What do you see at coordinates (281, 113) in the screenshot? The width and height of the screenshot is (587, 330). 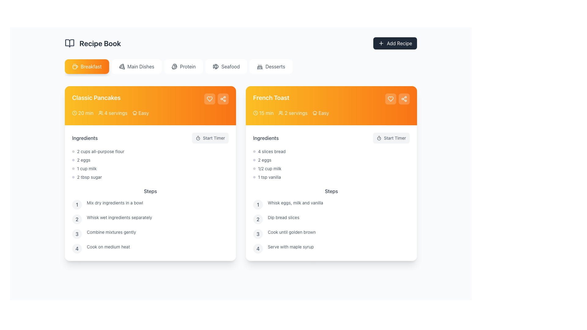 I see `the servings icon located in the header section of the 'French Toast' recipe card, positioned left of the text '2 servings'` at bounding box center [281, 113].